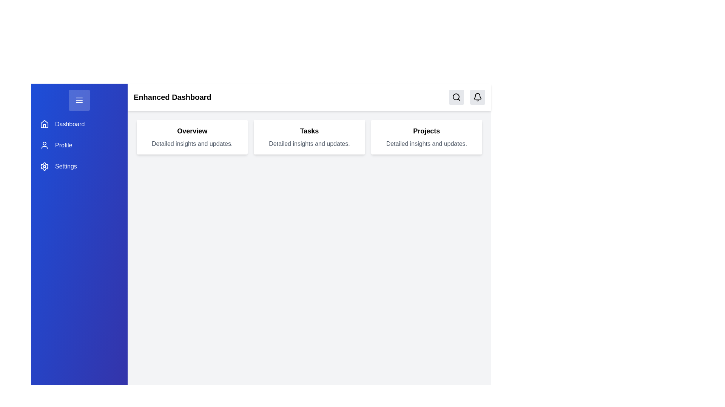 Image resolution: width=725 pixels, height=407 pixels. What do you see at coordinates (426, 144) in the screenshot?
I see `text from the text label displaying 'Detailed insights and updates.' which is styled in gray font and located within the Projects card` at bounding box center [426, 144].